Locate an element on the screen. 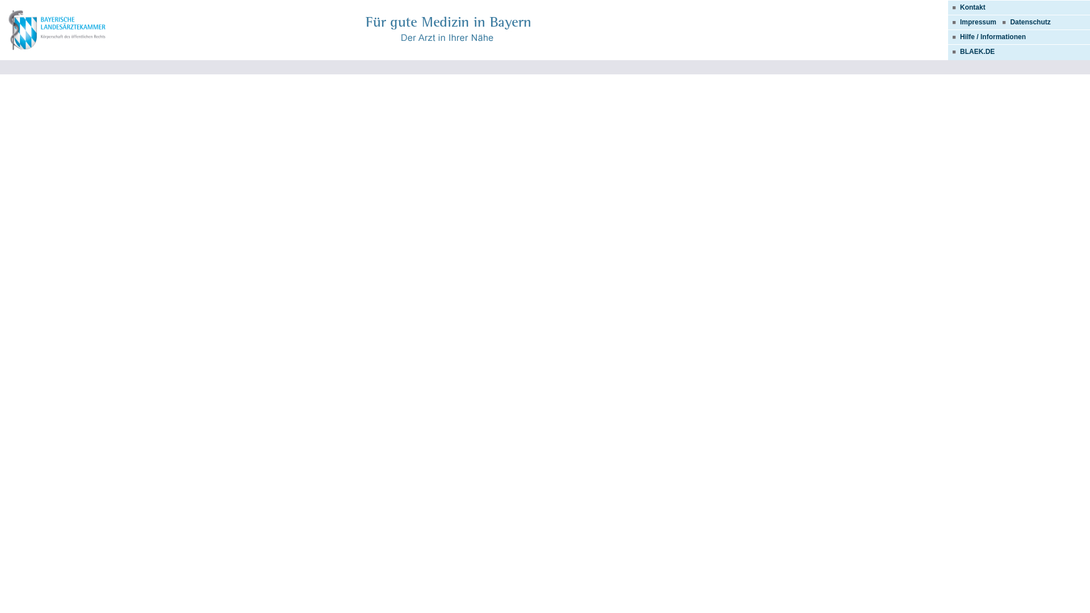 The image size is (1090, 613). 'Hilfe / Informationen' is located at coordinates (986, 36).